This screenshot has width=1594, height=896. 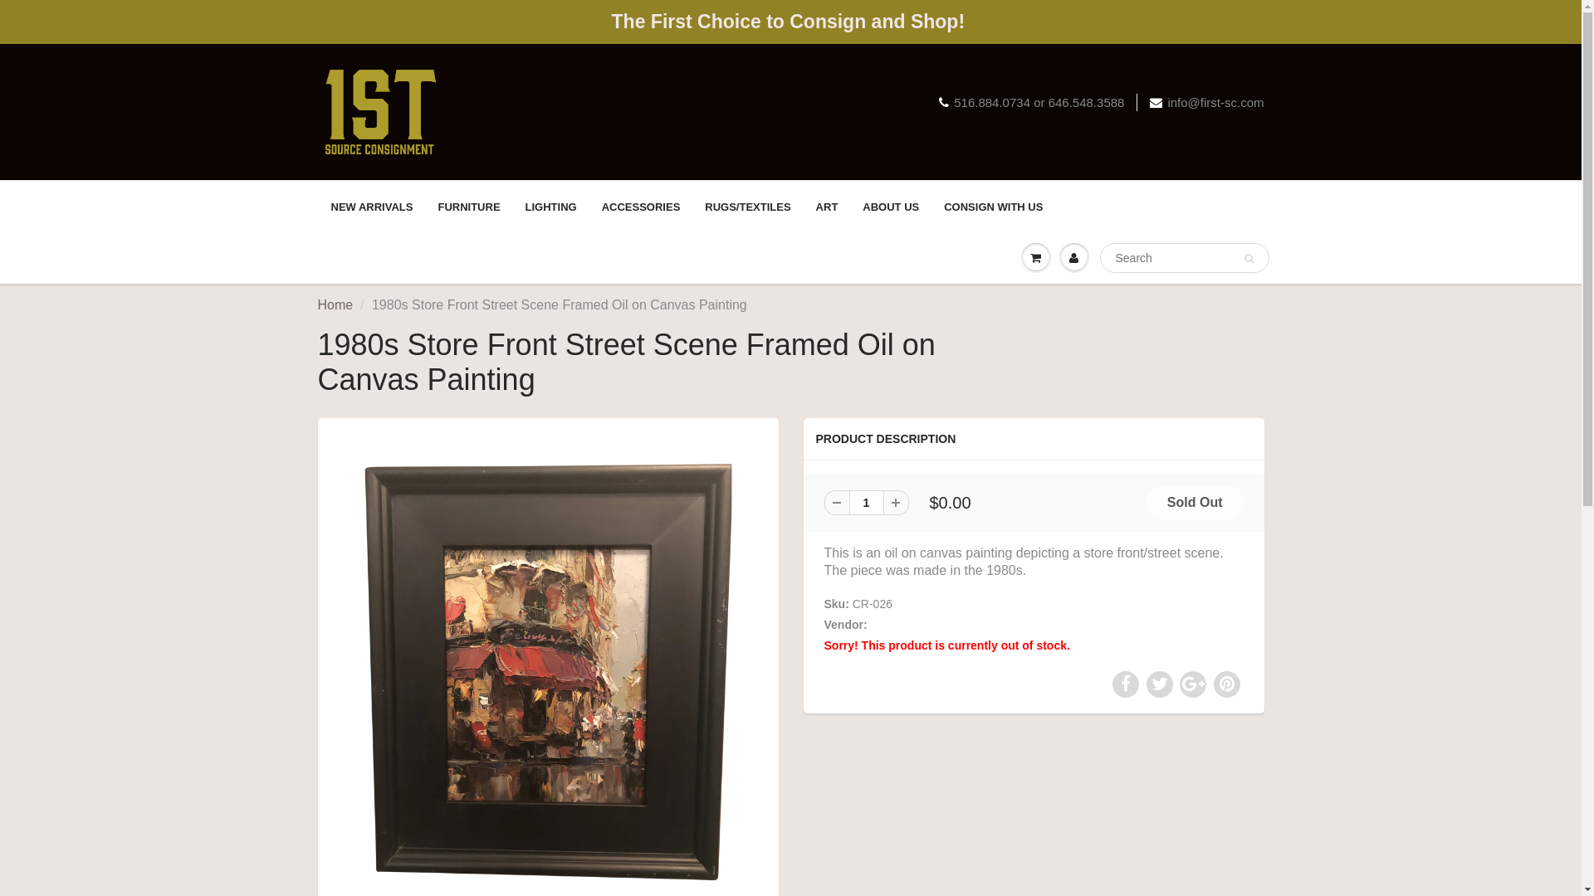 I want to click on 'Home', so click(x=334, y=304).